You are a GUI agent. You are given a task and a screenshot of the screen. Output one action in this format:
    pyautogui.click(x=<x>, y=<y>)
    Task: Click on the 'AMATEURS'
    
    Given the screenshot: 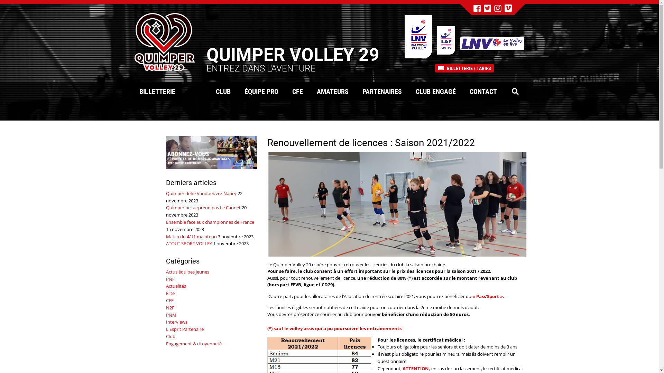 What is the action you would take?
    pyautogui.click(x=332, y=90)
    